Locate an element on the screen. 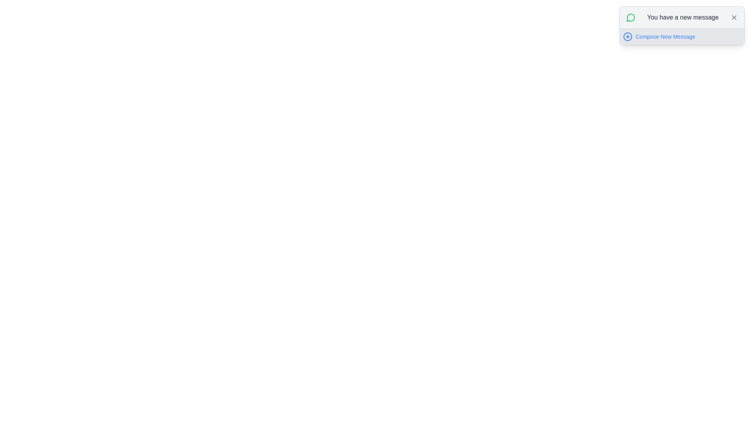 This screenshot has width=751, height=422. the close button located at the top-right corner of the notification box titled 'You have a new message' to change its color is located at coordinates (733, 18).